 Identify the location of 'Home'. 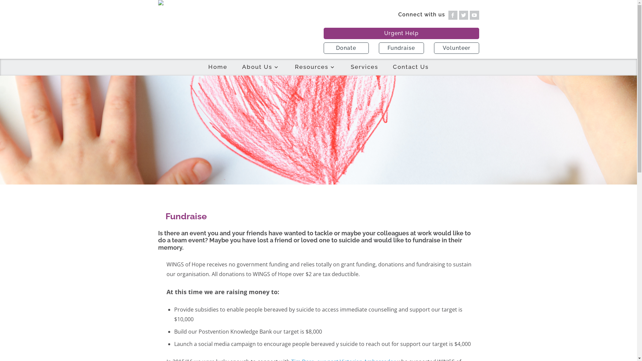
(218, 67).